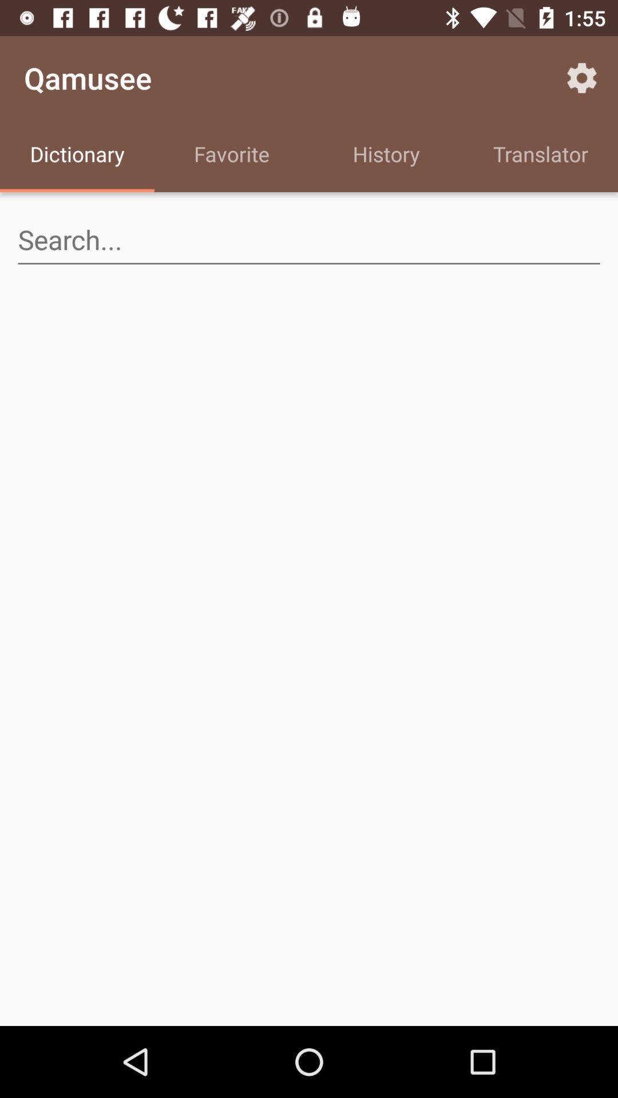 This screenshot has height=1098, width=618. What do you see at coordinates (309, 240) in the screenshot?
I see `search for an item` at bounding box center [309, 240].